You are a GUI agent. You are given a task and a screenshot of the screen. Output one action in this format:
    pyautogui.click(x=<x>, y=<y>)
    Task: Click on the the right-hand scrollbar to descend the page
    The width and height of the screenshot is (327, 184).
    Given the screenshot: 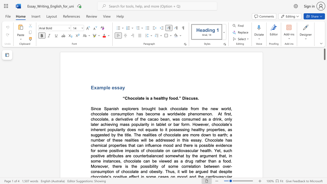 What is the action you would take?
    pyautogui.click(x=324, y=161)
    